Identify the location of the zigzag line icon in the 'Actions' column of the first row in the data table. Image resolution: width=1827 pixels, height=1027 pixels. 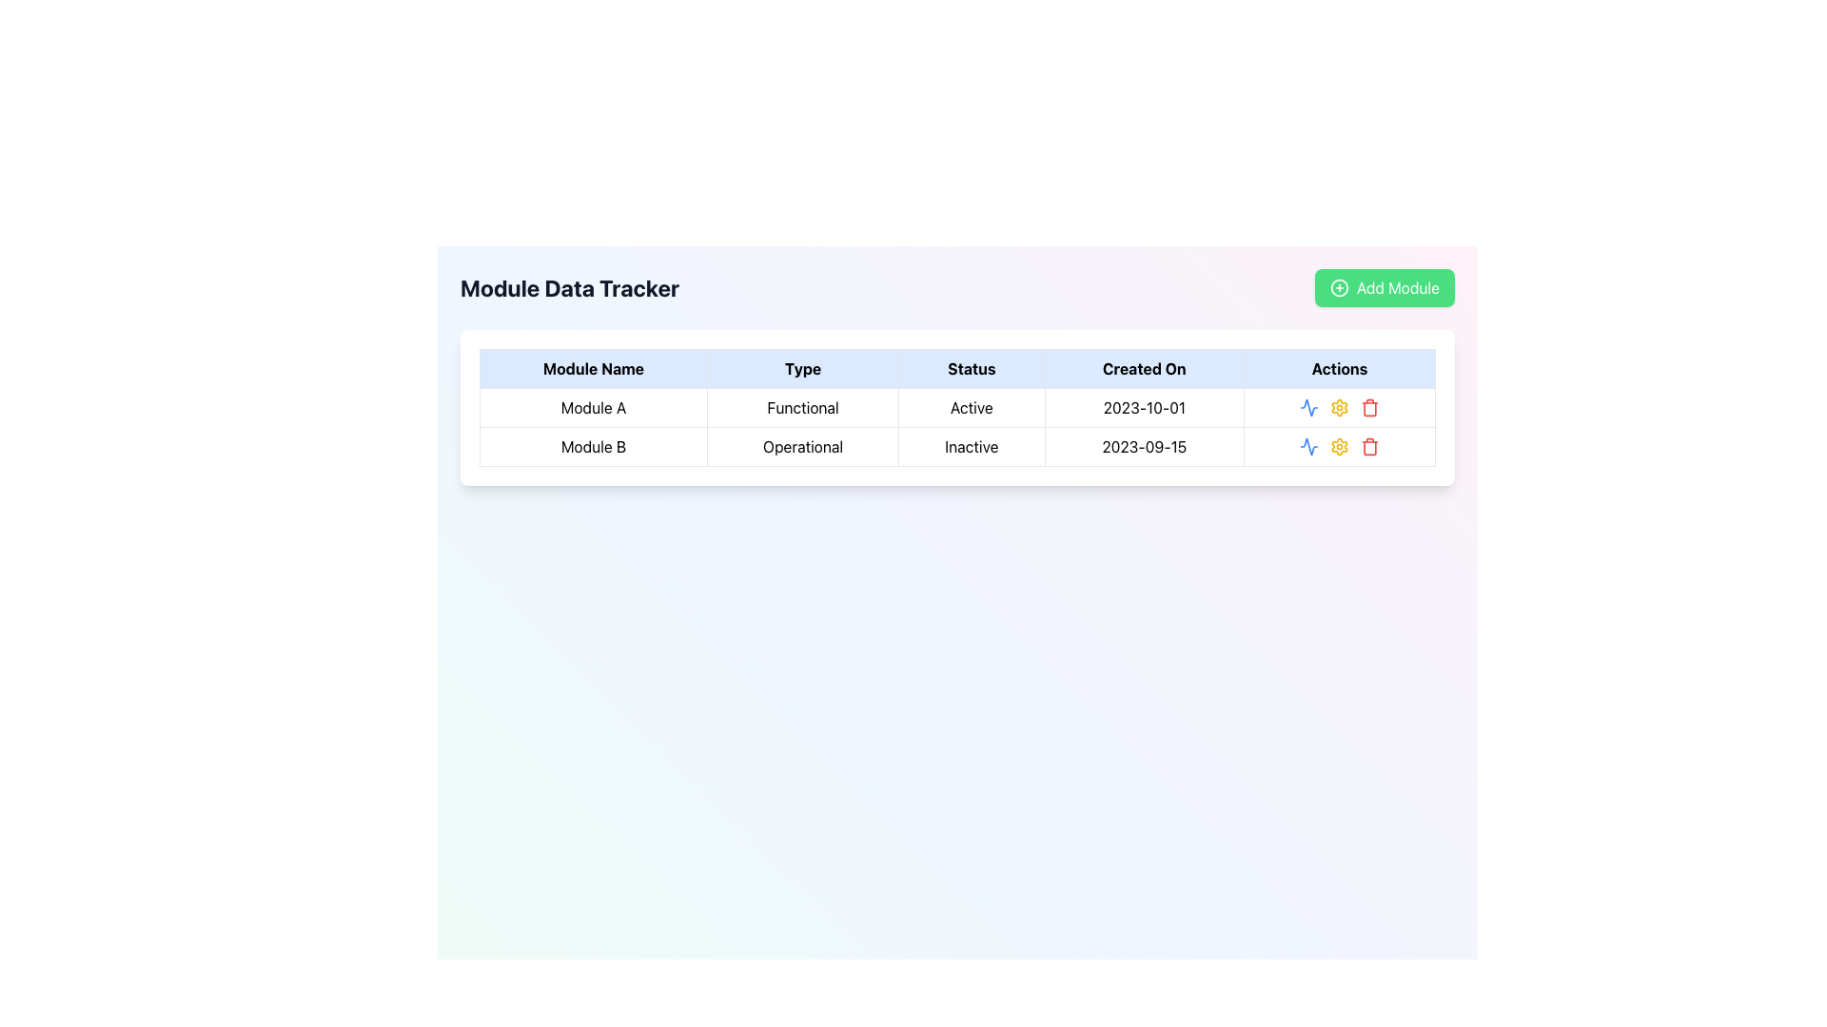
(1308, 447).